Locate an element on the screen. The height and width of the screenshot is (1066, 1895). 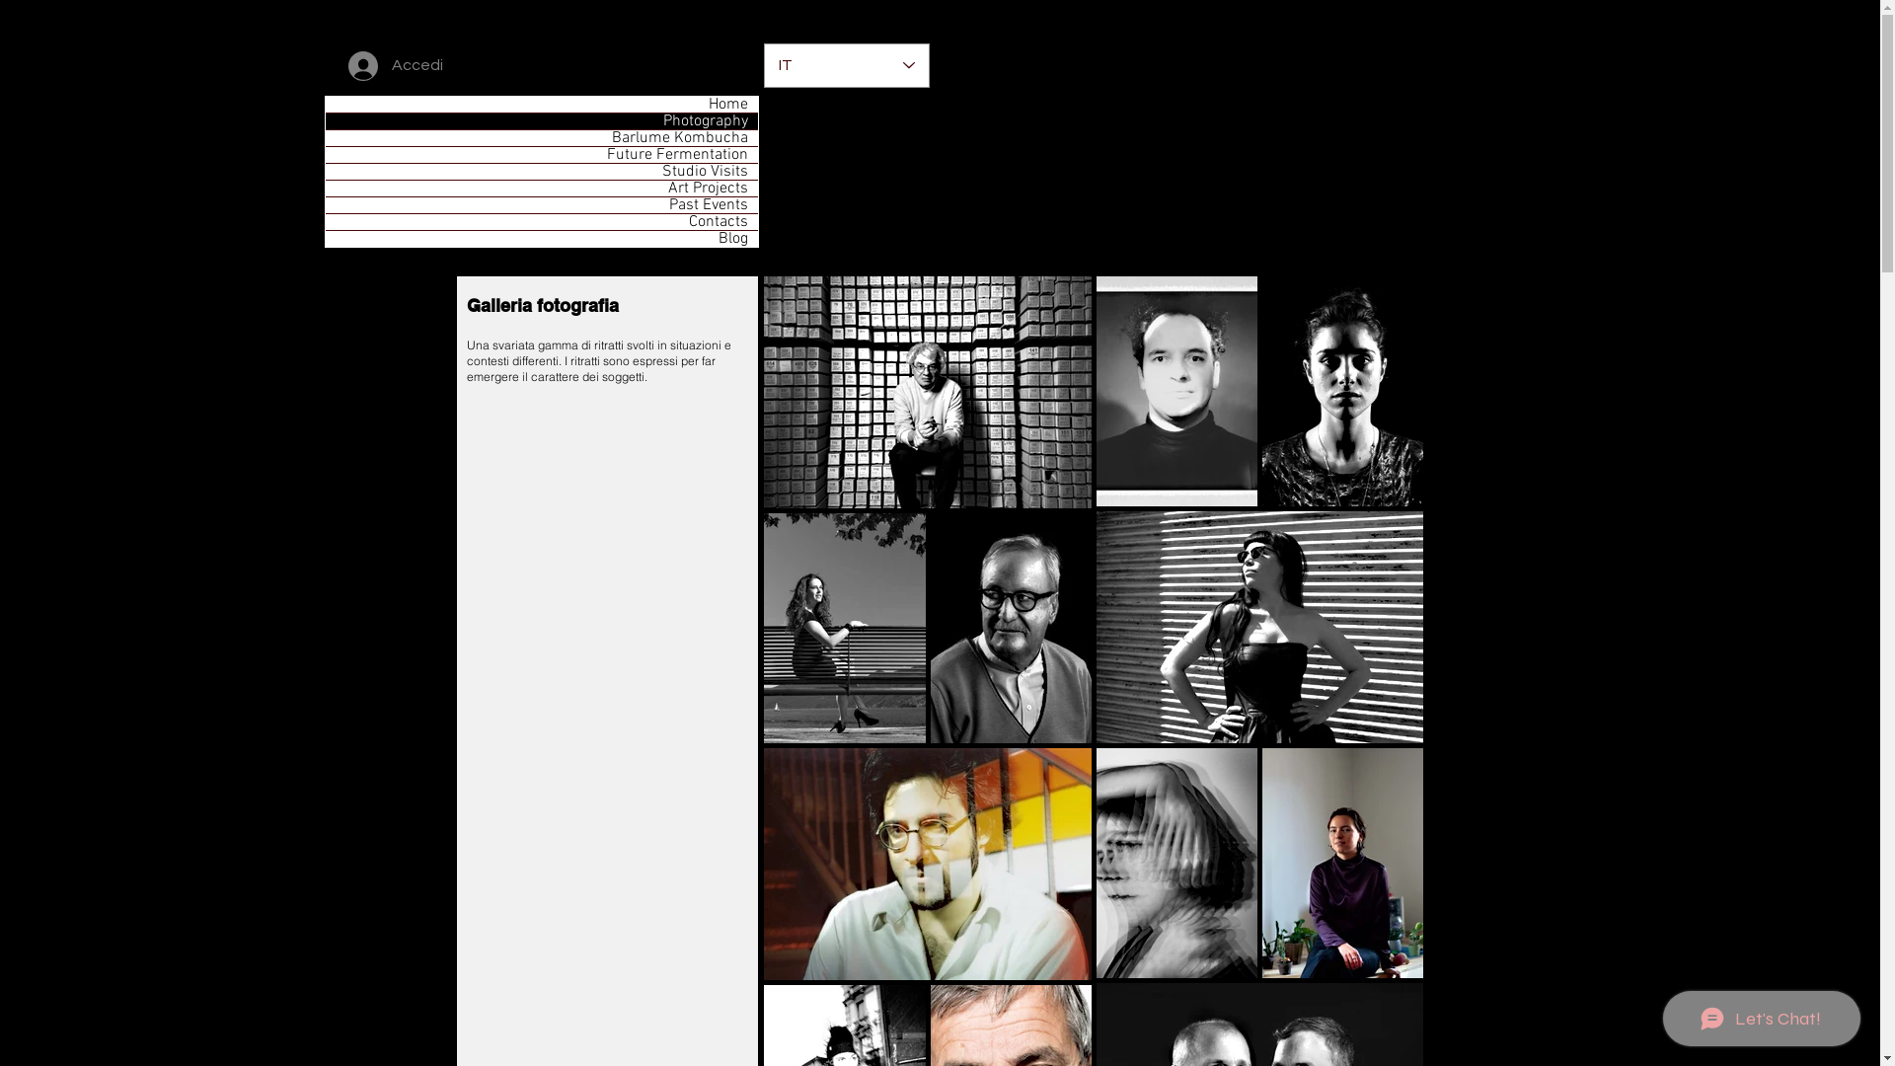
'Home' is located at coordinates (541, 104).